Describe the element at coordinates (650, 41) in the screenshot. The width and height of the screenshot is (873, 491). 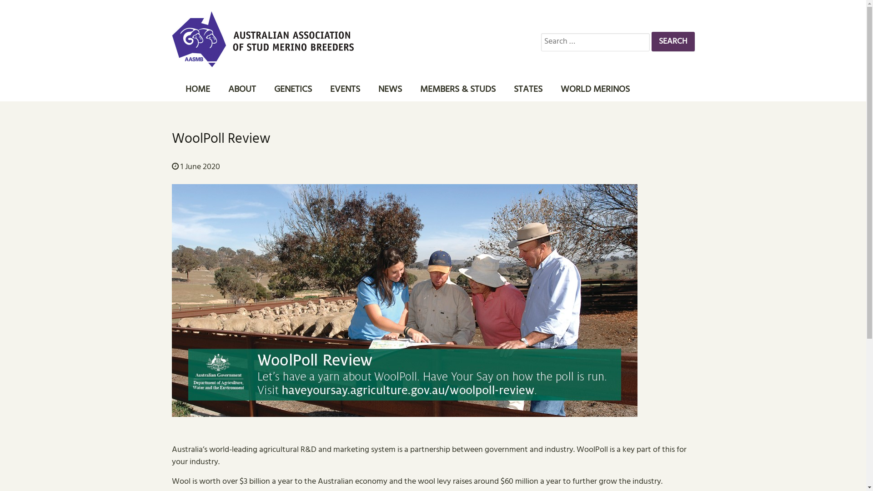
I see `'Search'` at that location.